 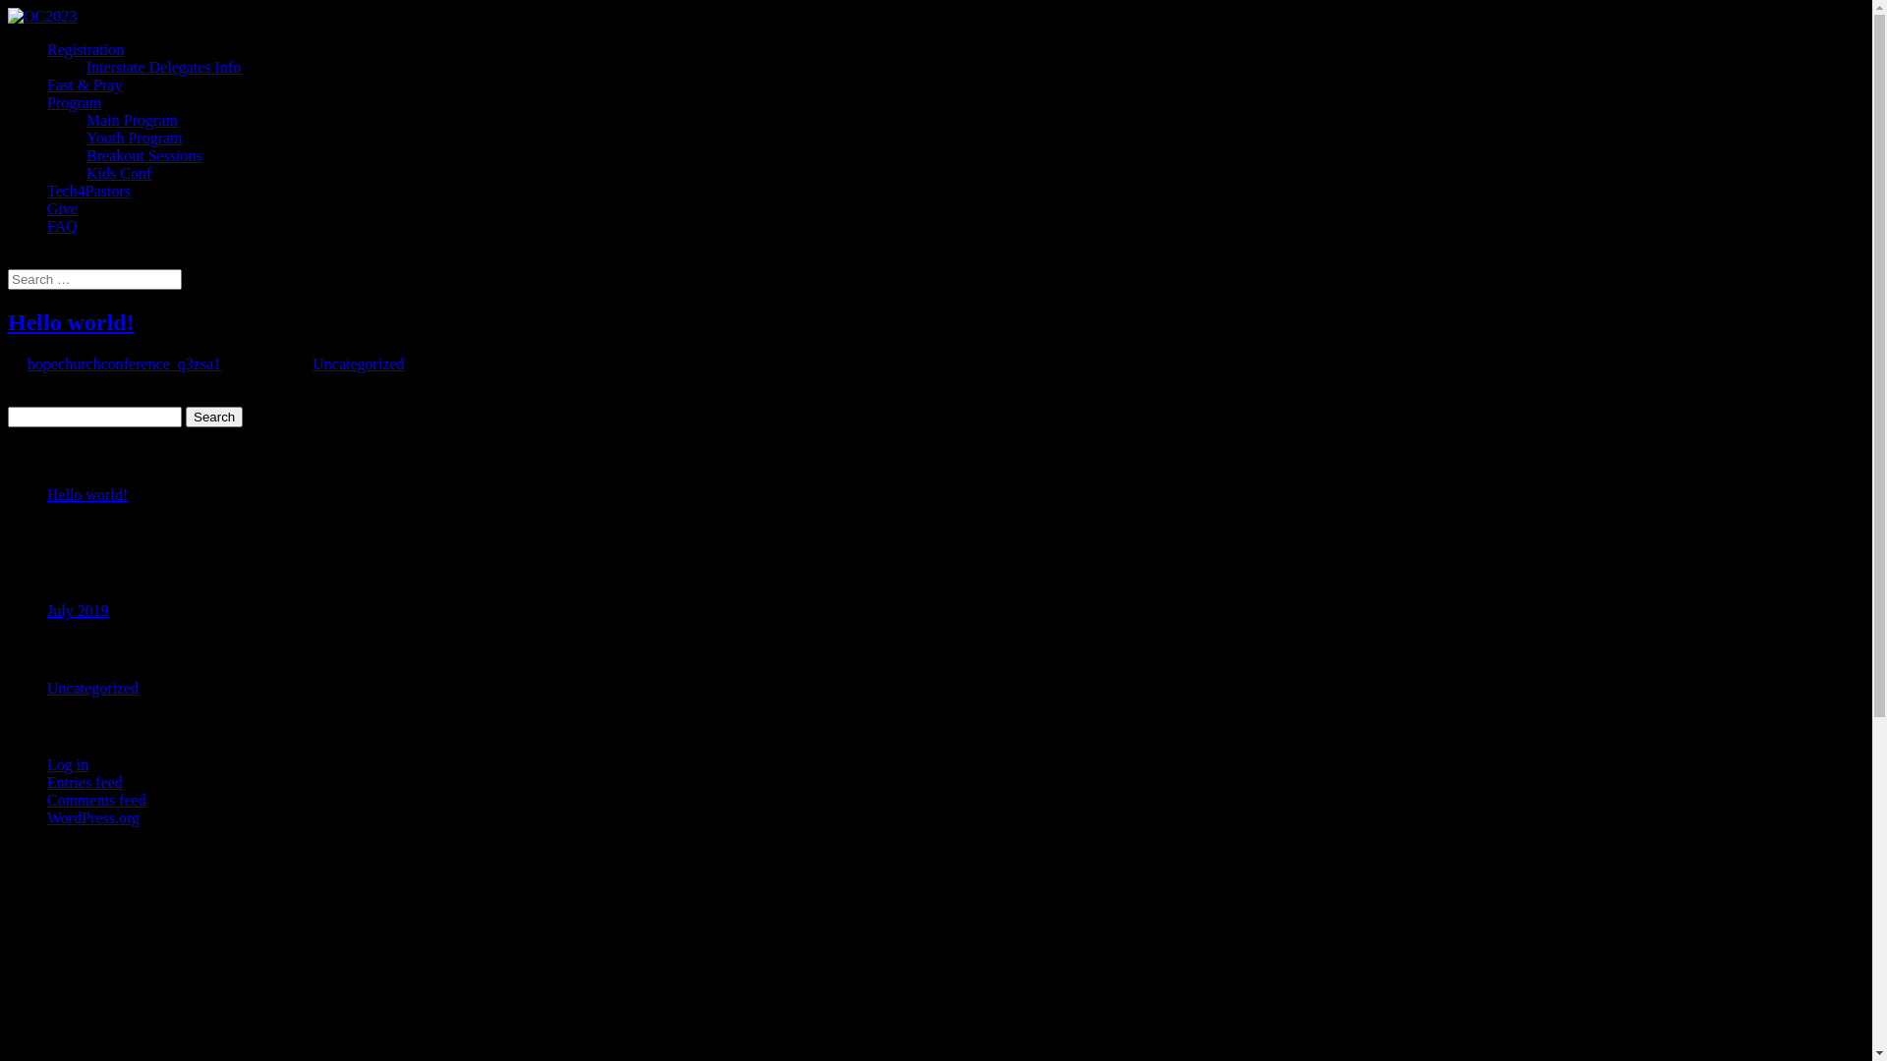 What do you see at coordinates (47, 225) in the screenshot?
I see `'FAQ'` at bounding box center [47, 225].